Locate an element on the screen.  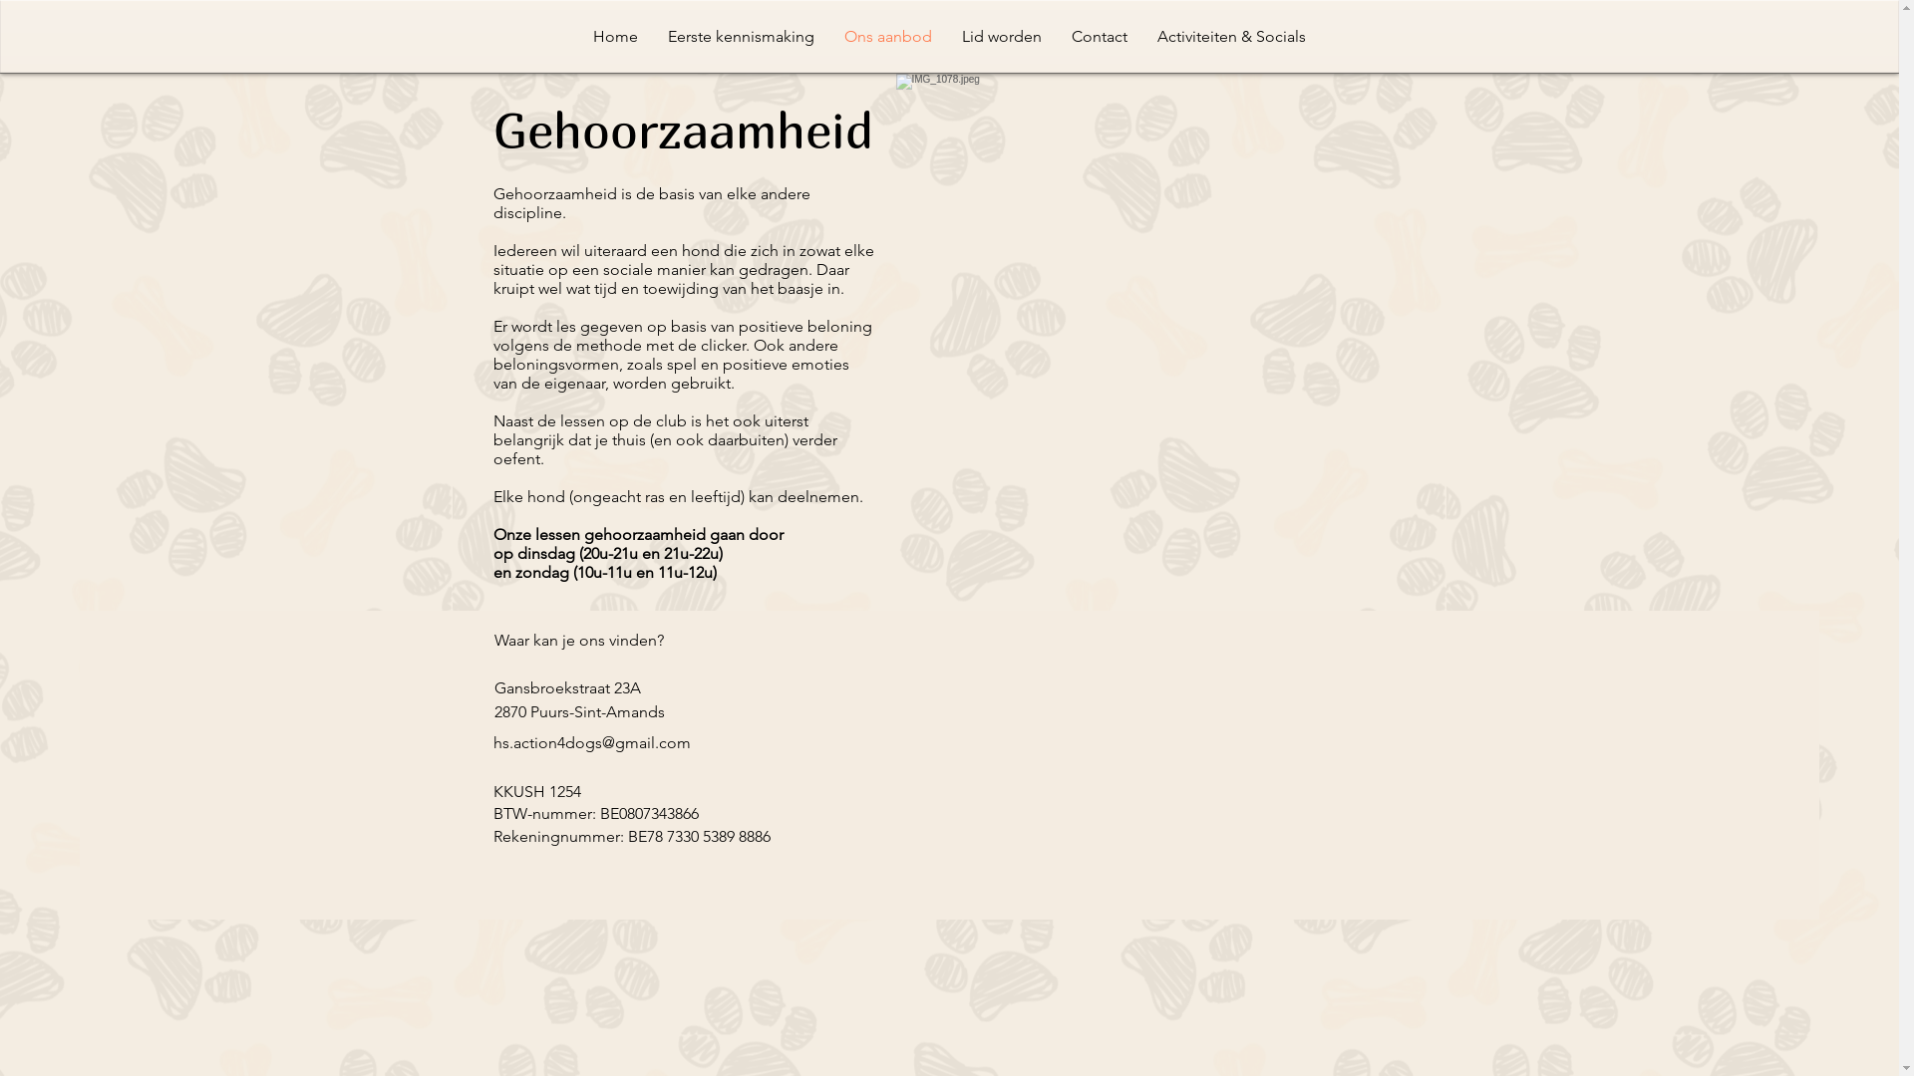
'Home' is located at coordinates (614, 37).